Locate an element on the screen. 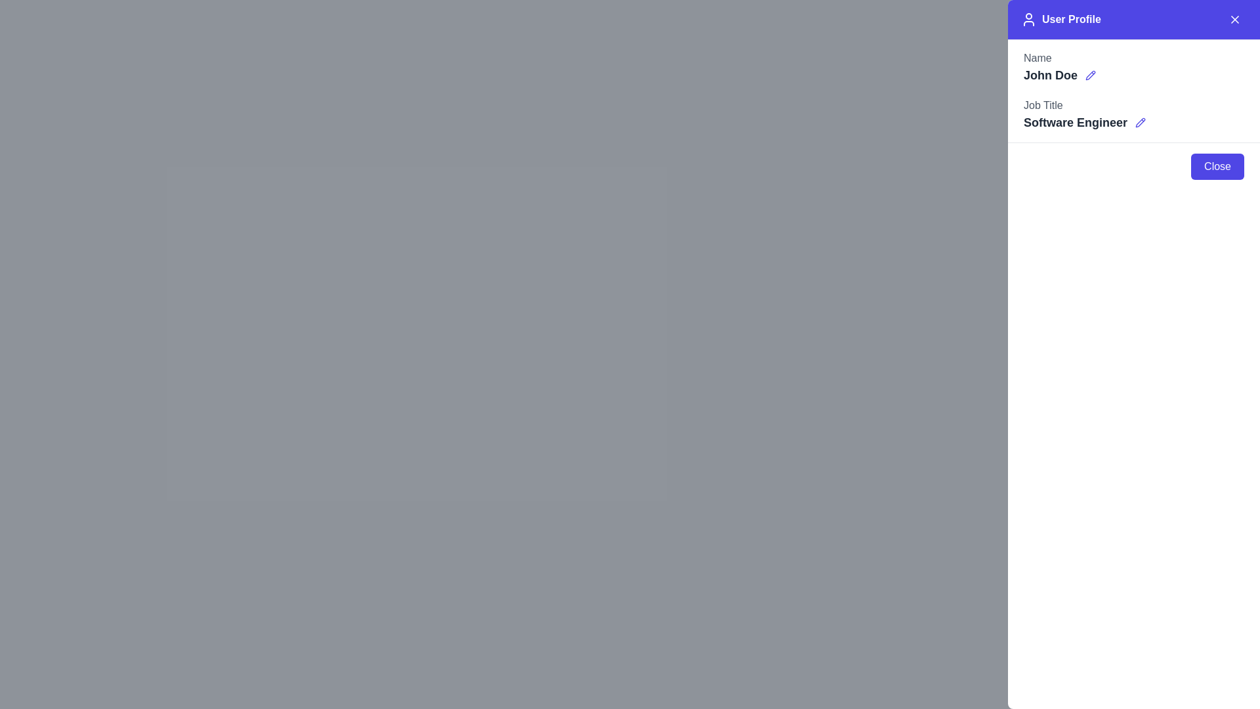  the close button located at the top-right corner of the purple header bar labeled 'User Profile' is located at coordinates (1234, 20).